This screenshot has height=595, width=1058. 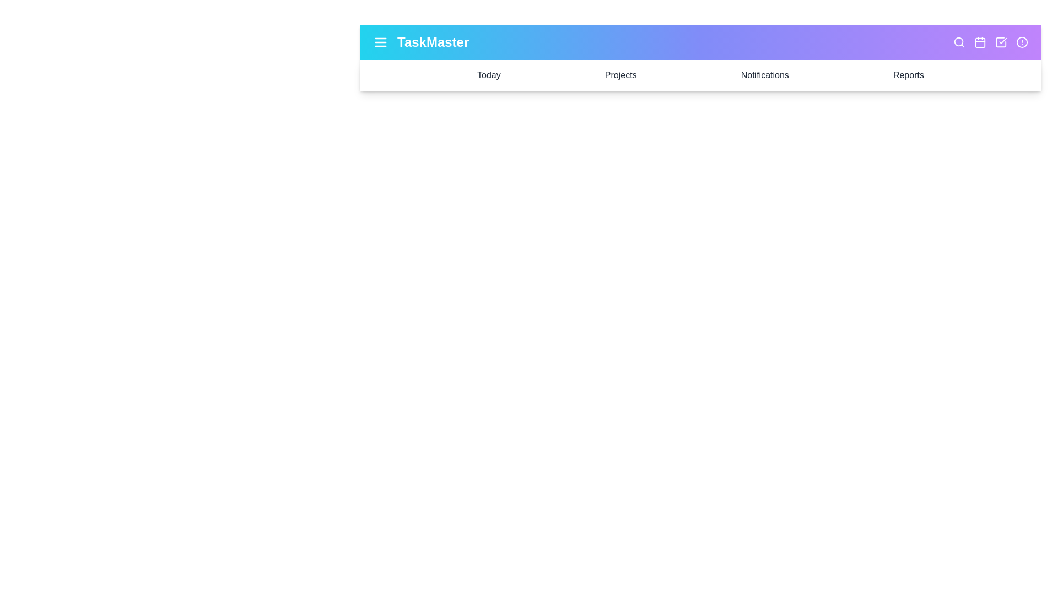 What do you see at coordinates (620, 75) in the screenshot?
I see `the 'Projects' option in the navigation bar` at bounding box center [620, 75].